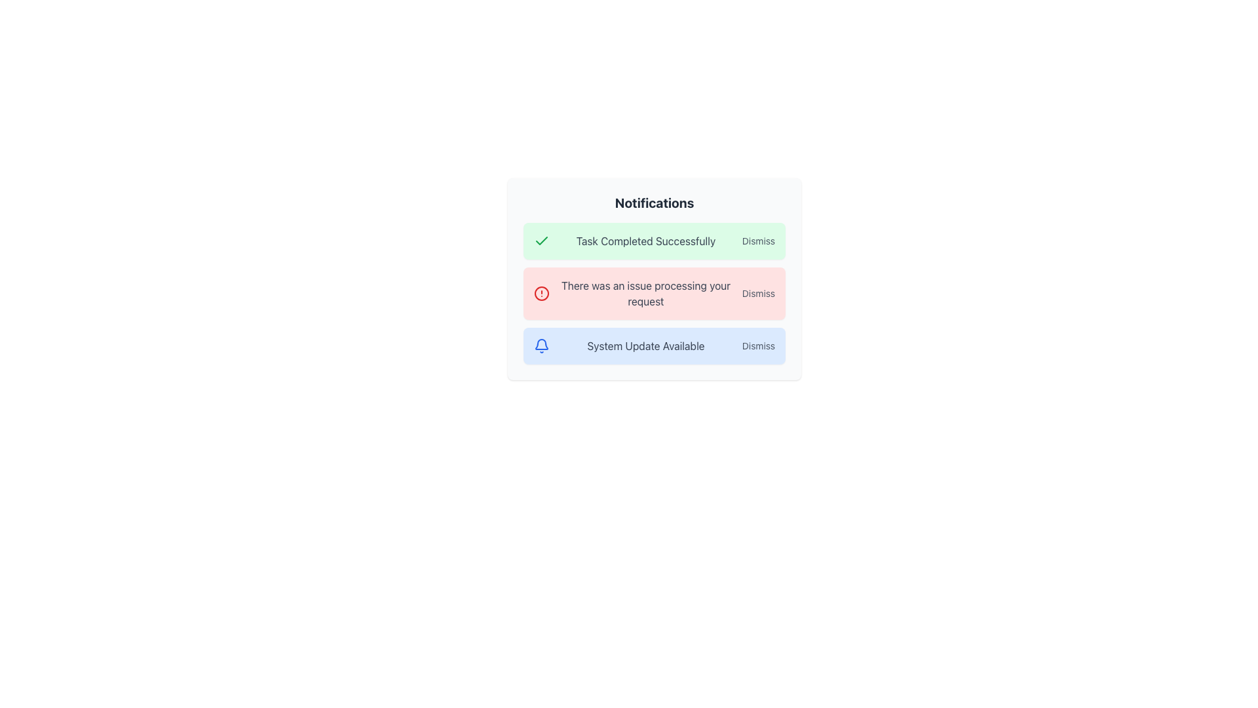 Image resolution: width=1258 pixels, height=708 pixels. Describe the element at coordinates (541, 241) in the screenshot. I see `the checkmark icon indicating task completion, located on the left side of the green notification box aligned with the text 'Task Completed Successfully.'` at that location.